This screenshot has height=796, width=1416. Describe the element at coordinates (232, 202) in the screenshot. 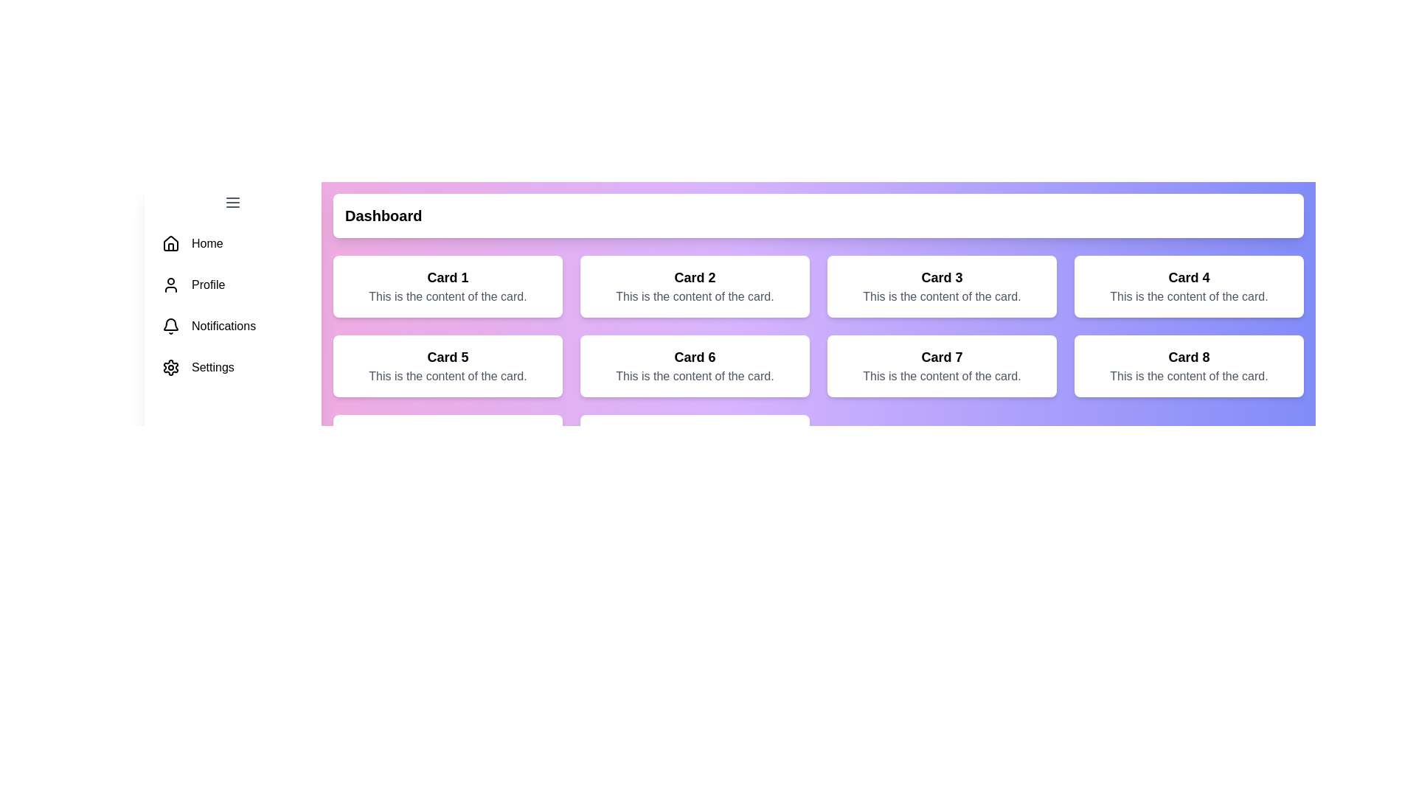

I see `the menu button to toggle the drawer state` at that location.